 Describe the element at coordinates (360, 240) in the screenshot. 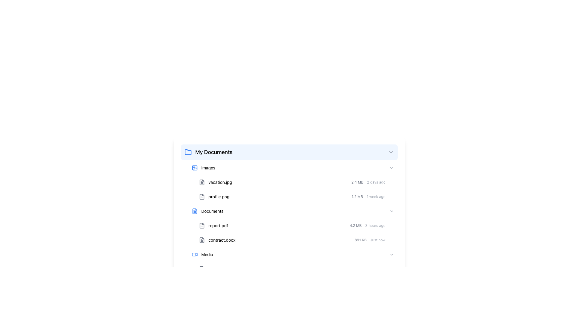

I see `the Label that displays the file size of the associated document, positioned to the left of the 'Just now' text within the 'Documents' folder section` at that location.